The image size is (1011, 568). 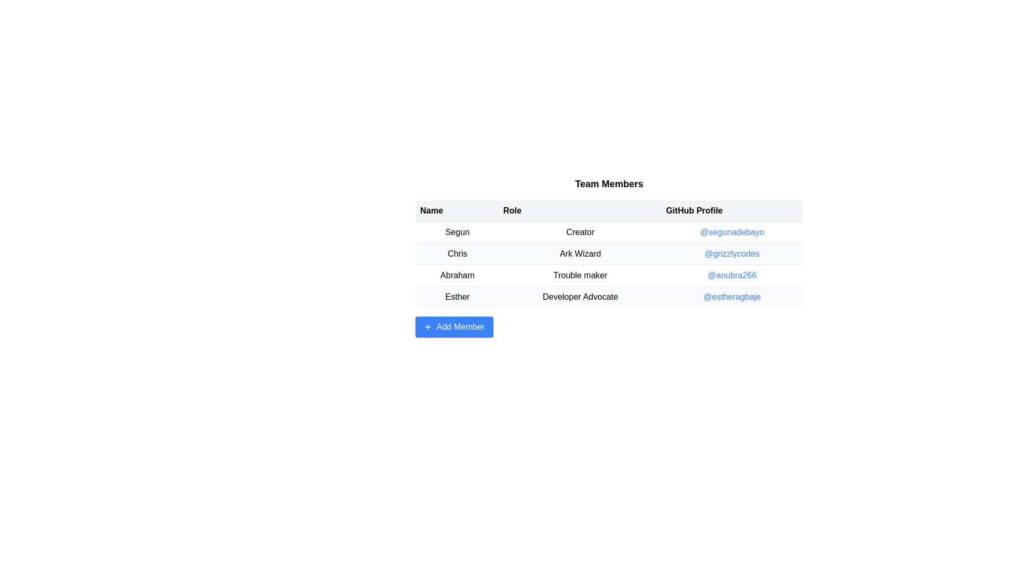 What do you see at coordinates (731, 253) in the screenshot?
I see `the hyperlink under the 'GitHub Profile' column in the table for the team member Chris, the 'Ark Wizard'` at bounding box center [731, 253].